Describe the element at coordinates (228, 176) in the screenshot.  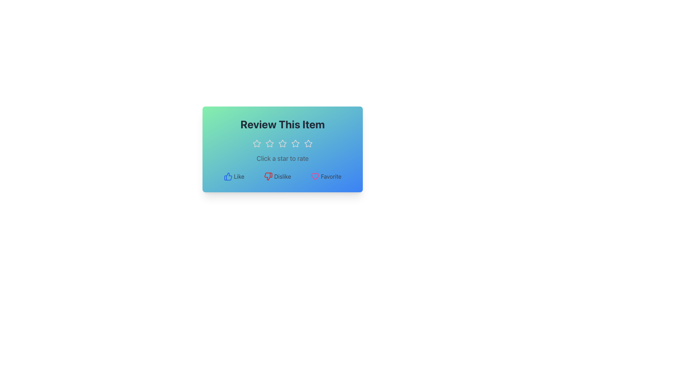
I see `the thumbs-up icon located in the bottom-left section of the component card` at that location.